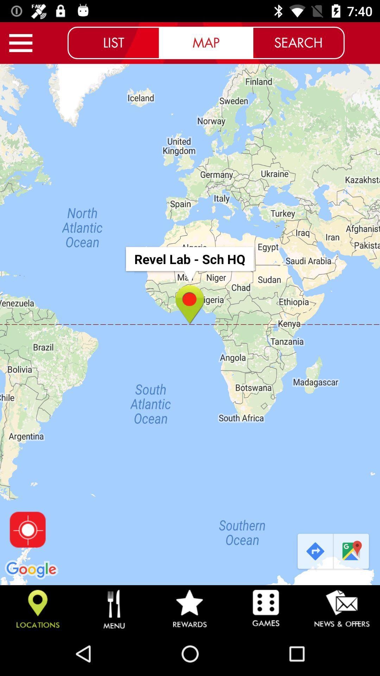  I want to click on the search icon, so click(298, 42).